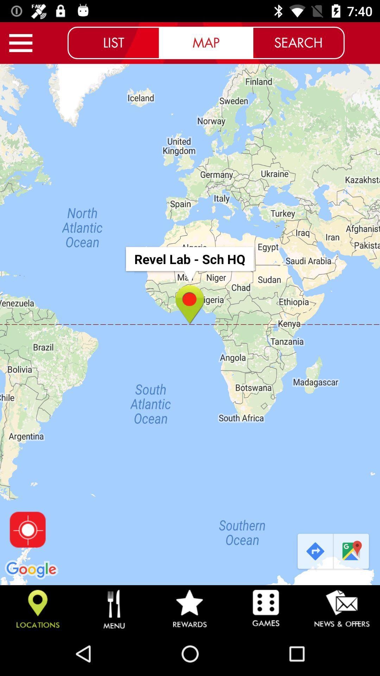  I want to click on the search icon, so click(298, 42).